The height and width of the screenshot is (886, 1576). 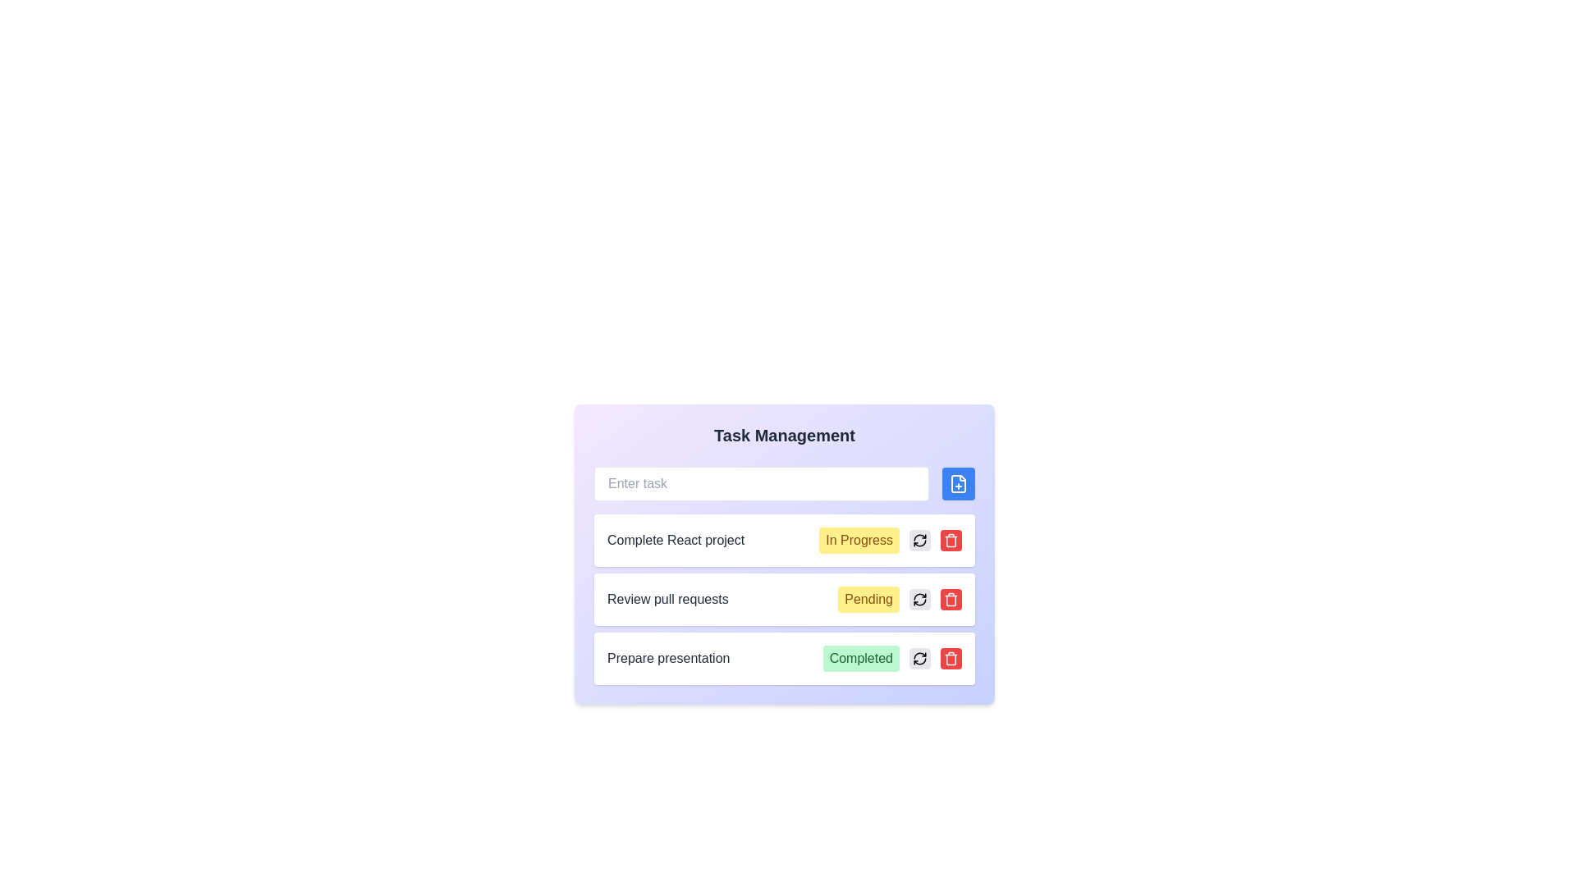 I want to click on text of the Status badge indicating the pending state of the task located to the right of 'Review pull requests' in the task management interface, so click(x=899, y=600).